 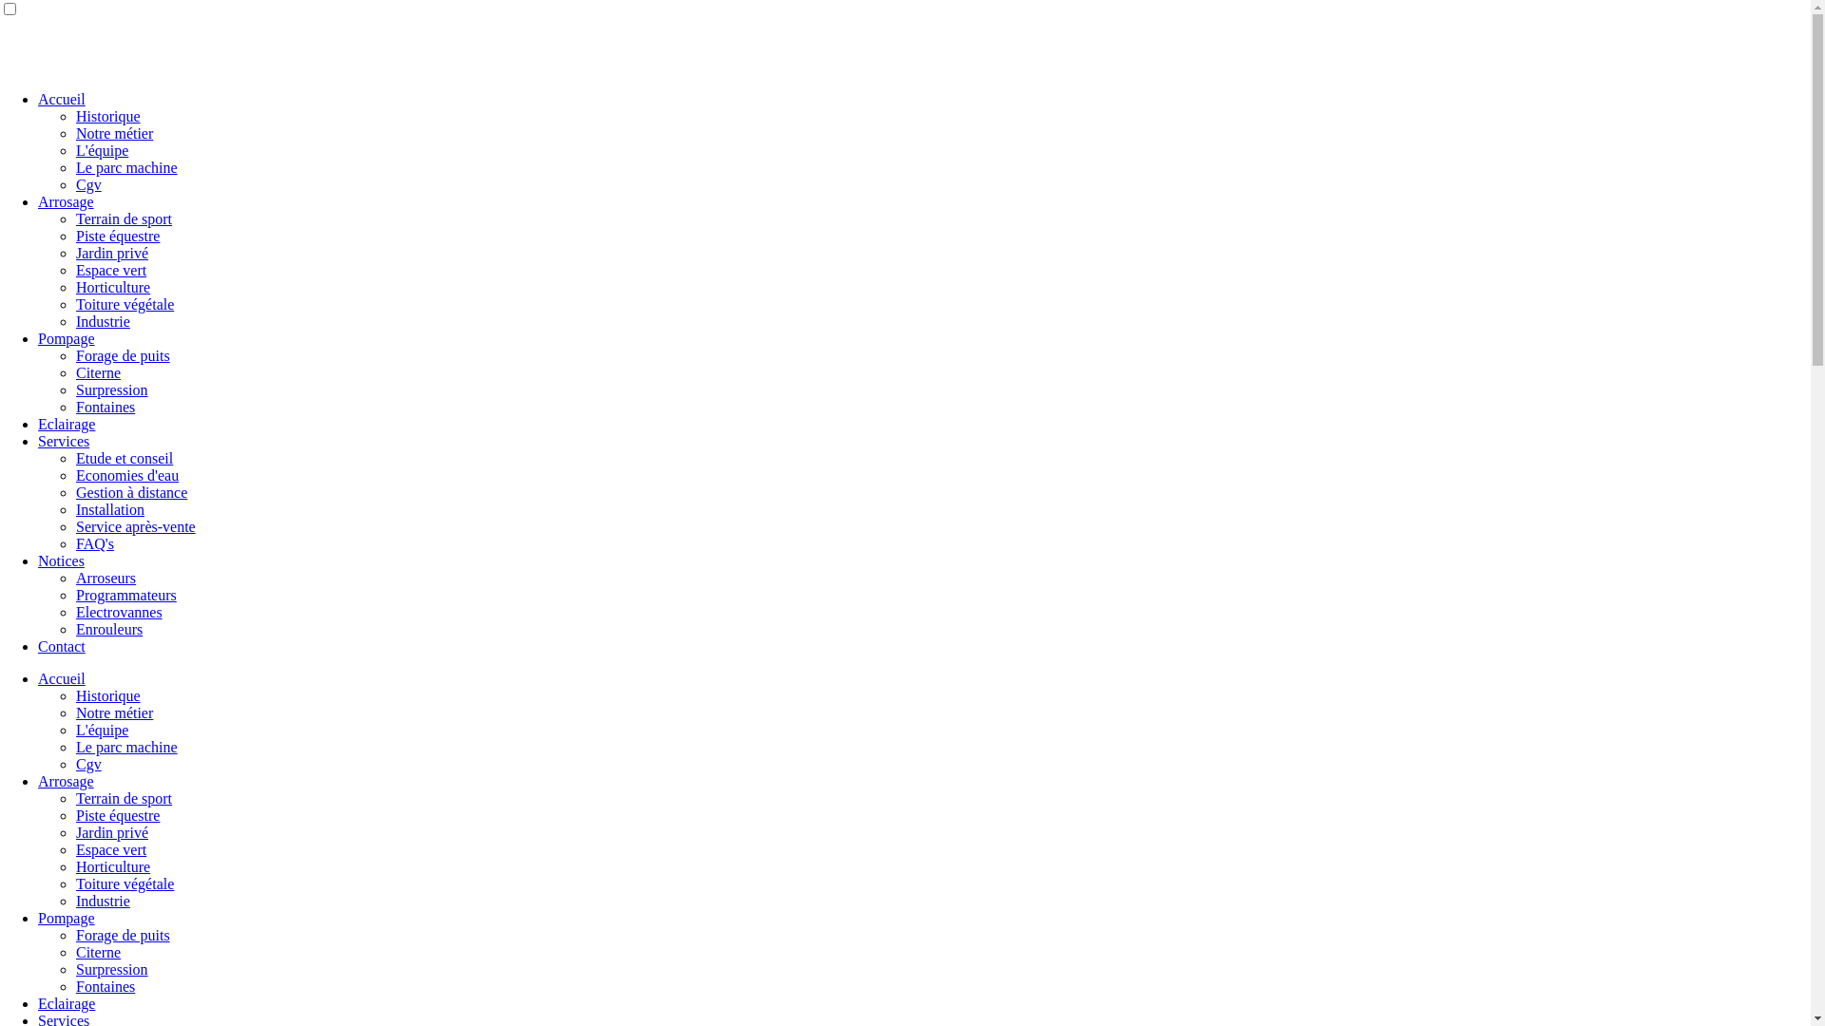 What do you see at coordinates (87, 184) in the screenshot?
I see `'Cgv'` at bounding box center [87, 184].